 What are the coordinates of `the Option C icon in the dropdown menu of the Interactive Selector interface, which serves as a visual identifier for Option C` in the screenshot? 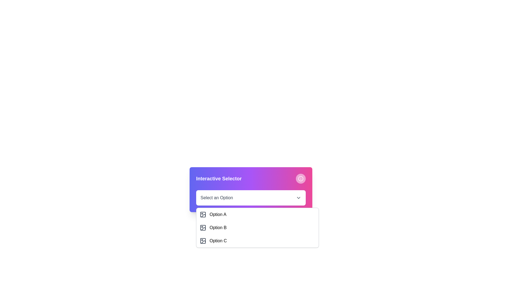 It's located at (202, 241).